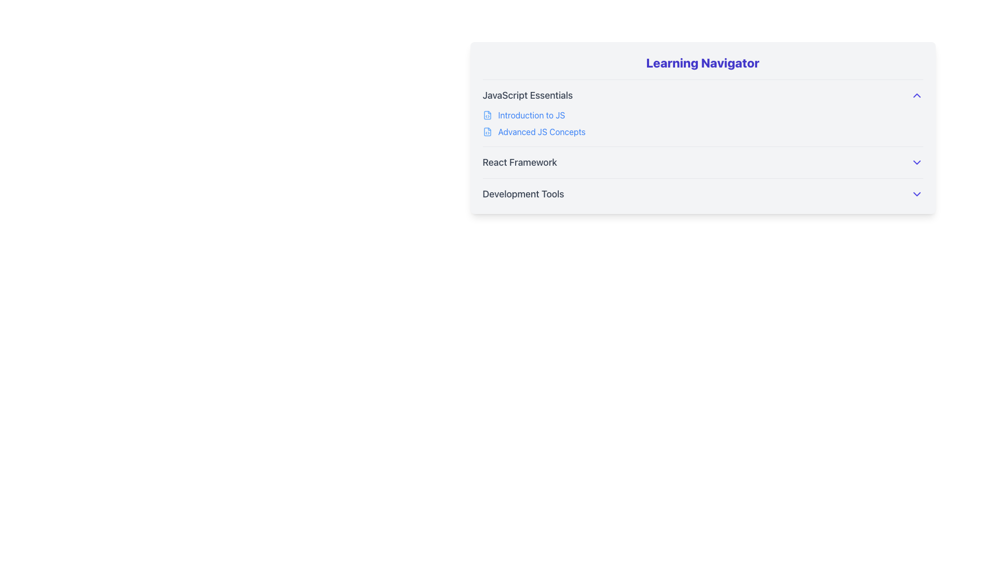 The image size is (997, 561). Describe the element at coordinates (703, 194) in the screenshot. I see `the 'Development Tools' expandable list item within the 'React Framework' section` at that location.